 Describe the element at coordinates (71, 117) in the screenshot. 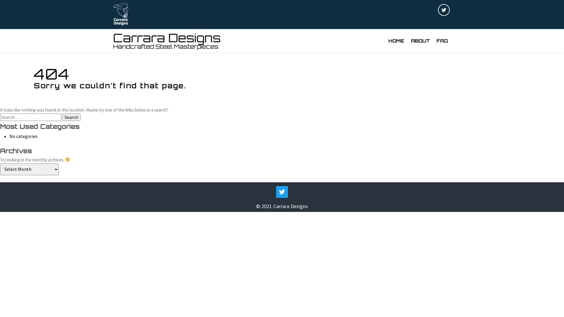

I see `'Search'` at that location.